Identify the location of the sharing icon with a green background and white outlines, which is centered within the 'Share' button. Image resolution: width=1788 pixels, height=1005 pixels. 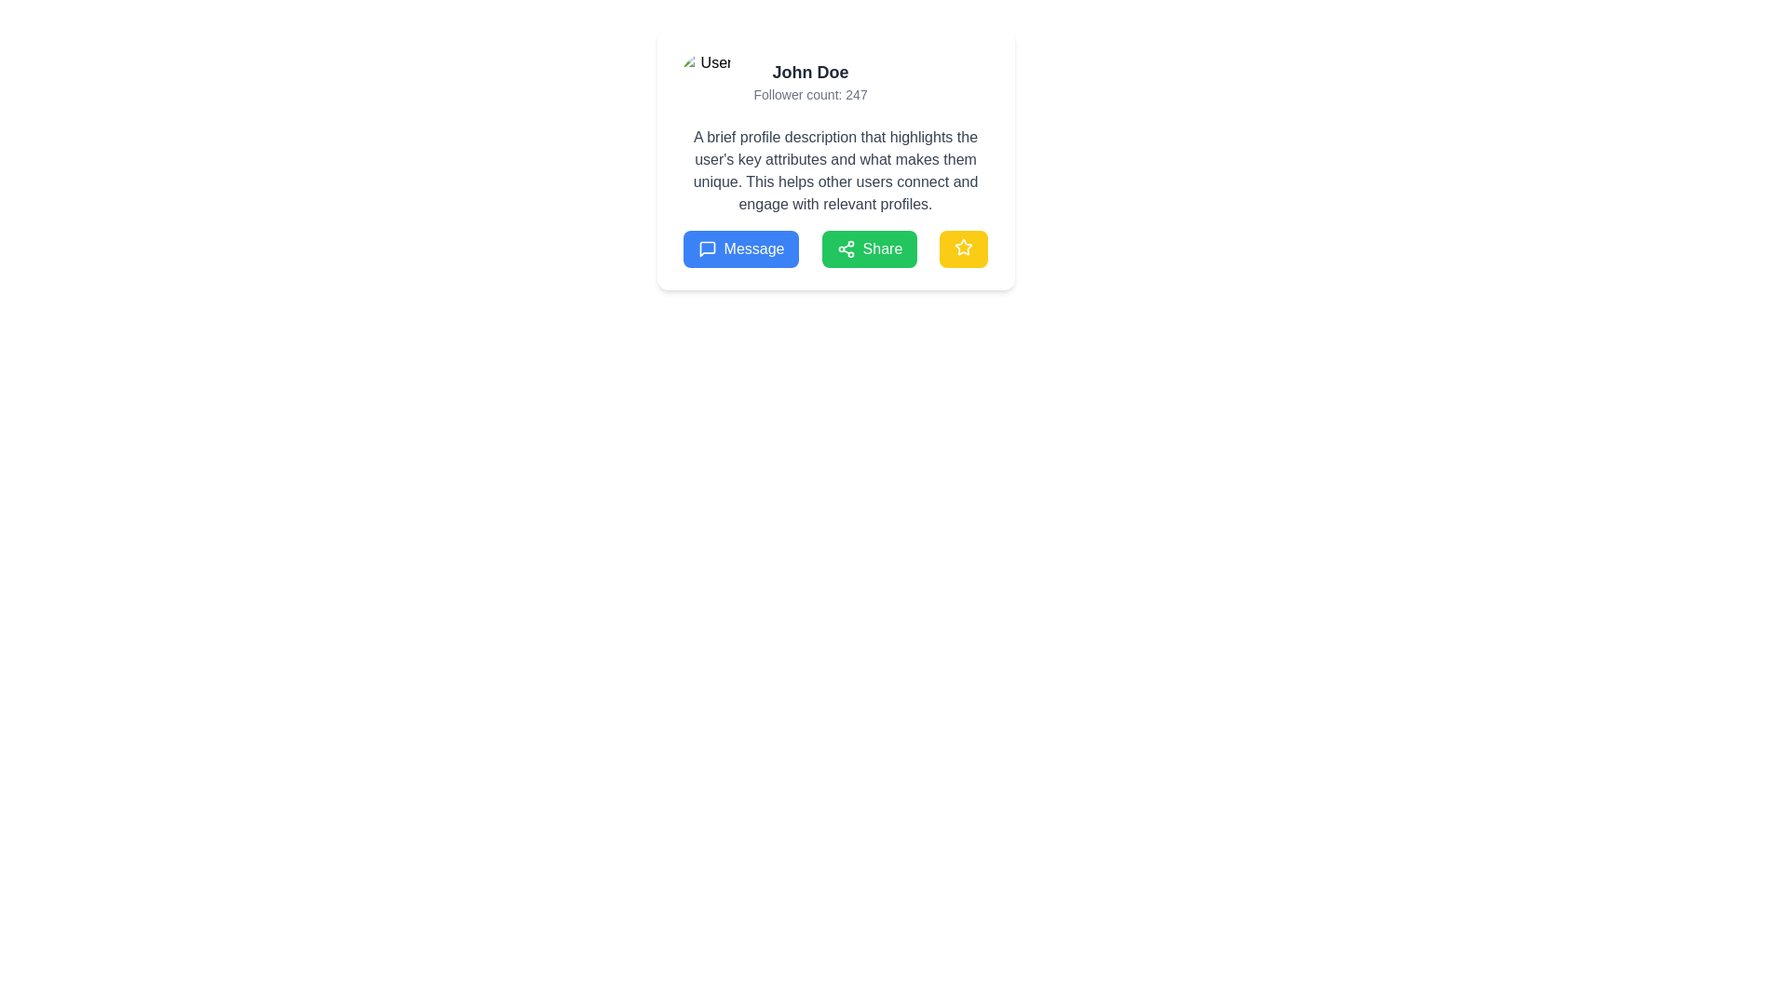
(845, 248).